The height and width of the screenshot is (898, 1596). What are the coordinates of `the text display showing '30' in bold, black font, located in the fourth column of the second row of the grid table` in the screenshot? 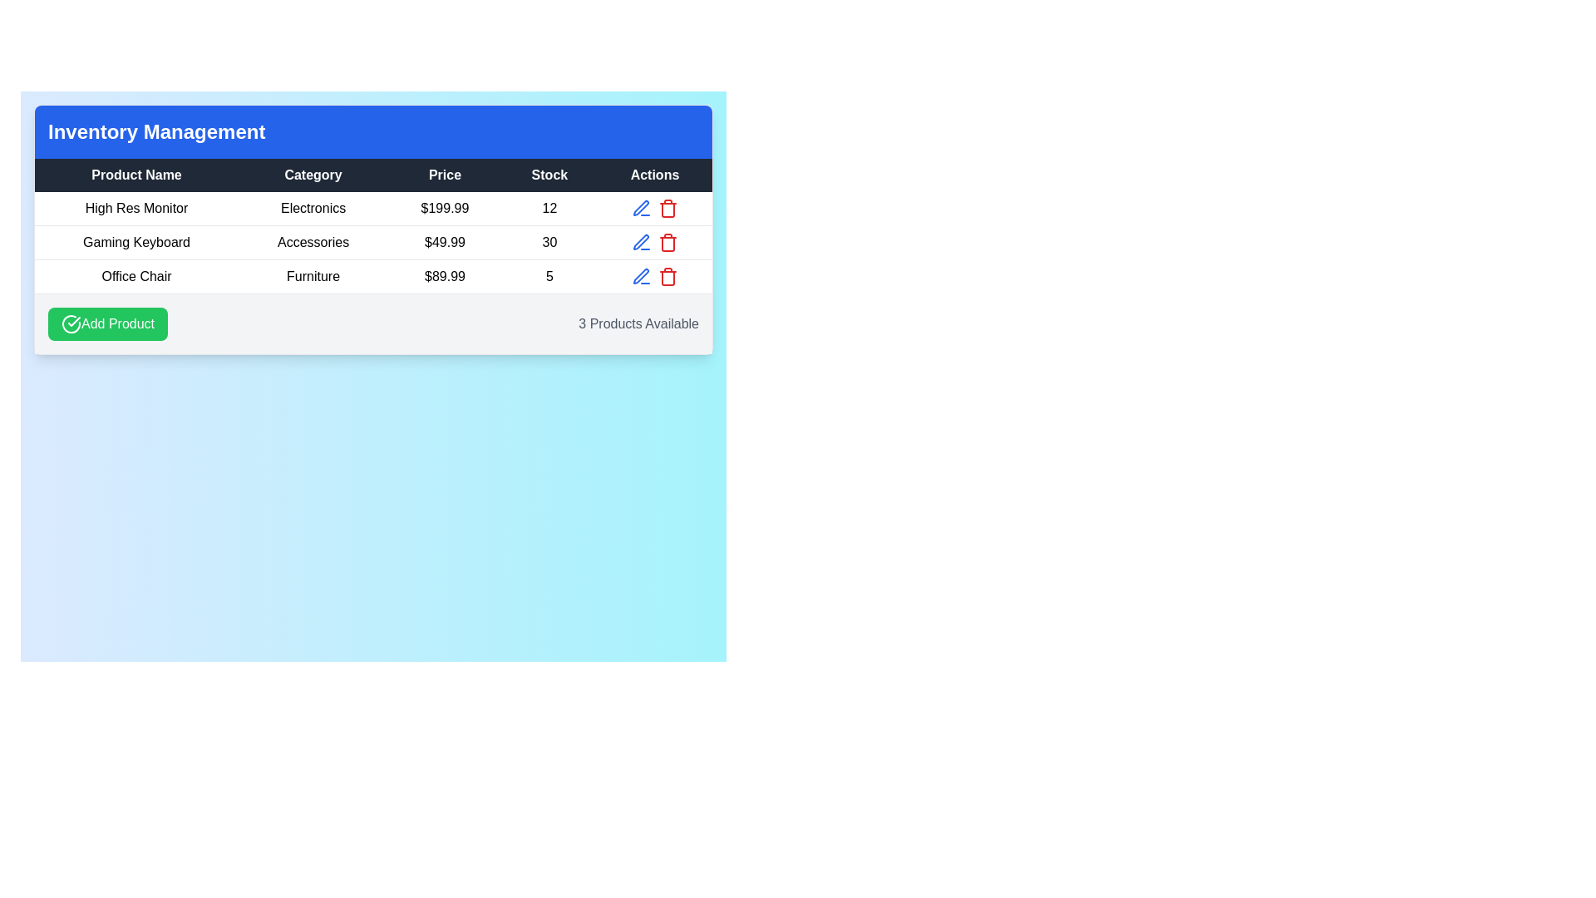 It's located at (549, 243).